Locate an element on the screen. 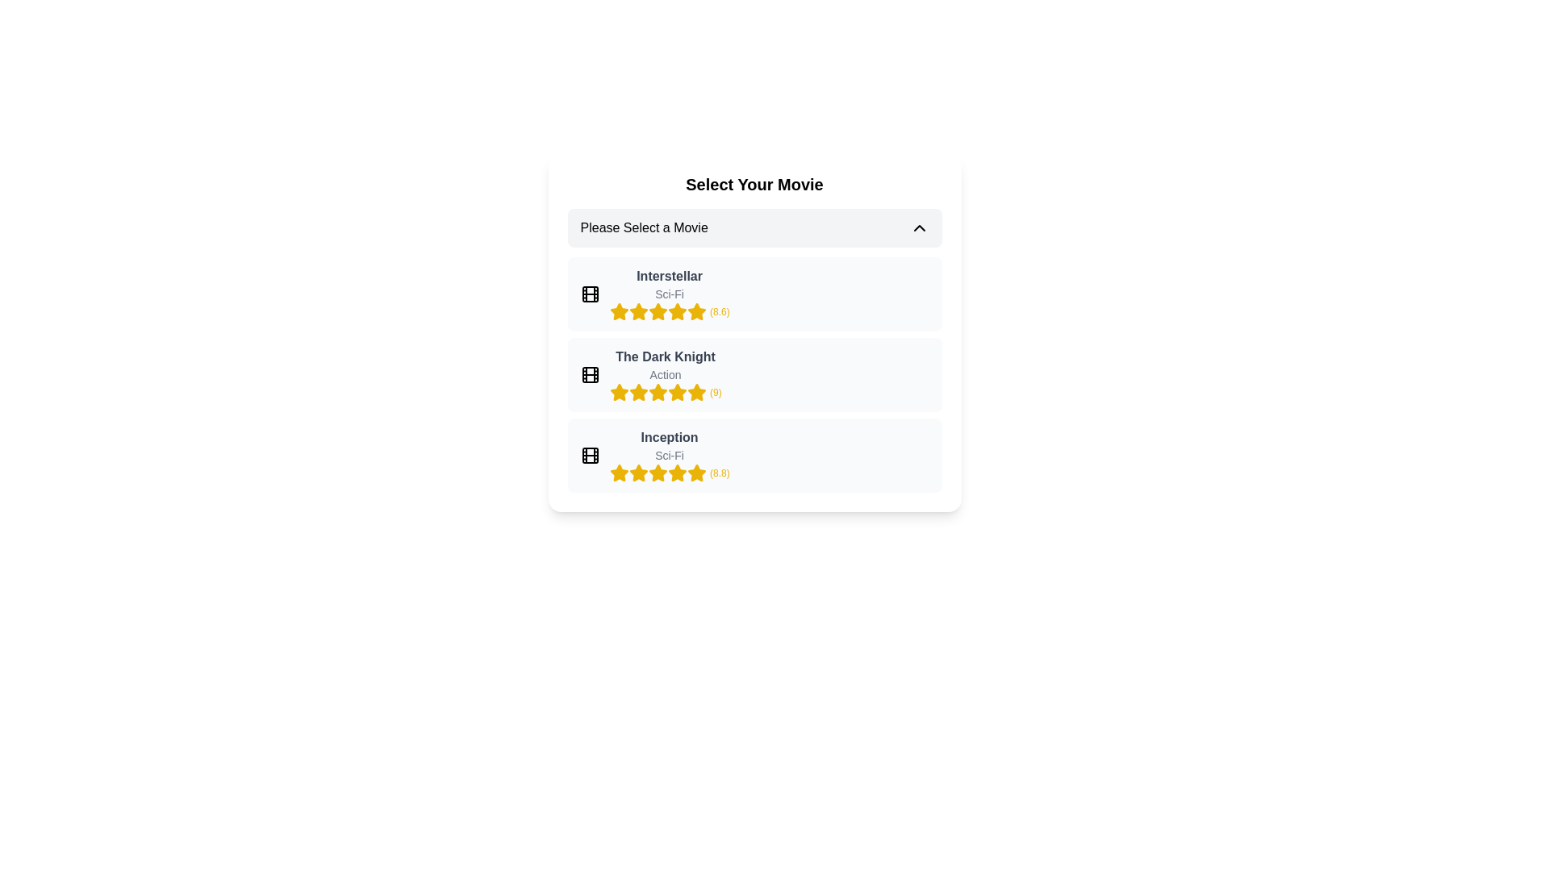  the third rating star under the movie 'Interstellar' to register a rating is located at coordinates (658, 311).